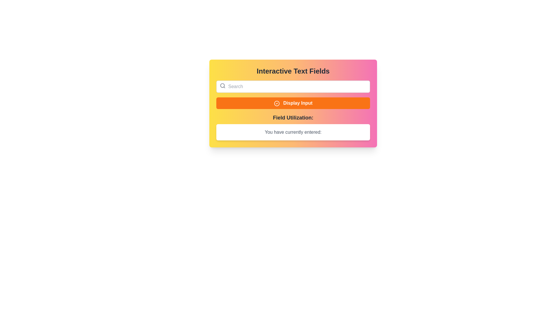 The width and height of the screenshot is (559, 314). Describe the element at coordinates (293, 103) in the screenshot. I see `the button located below the search input box and above the label reading 'Field Utilization:', which allows users` at that location.